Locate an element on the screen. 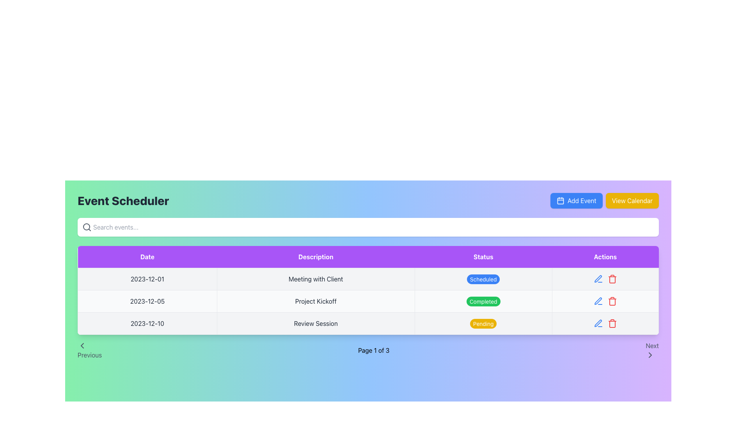 The image size is (749, 421). the delete button, which is the third button in the 'Actions' column of the last row in the table is located at coordinates (612, 301).